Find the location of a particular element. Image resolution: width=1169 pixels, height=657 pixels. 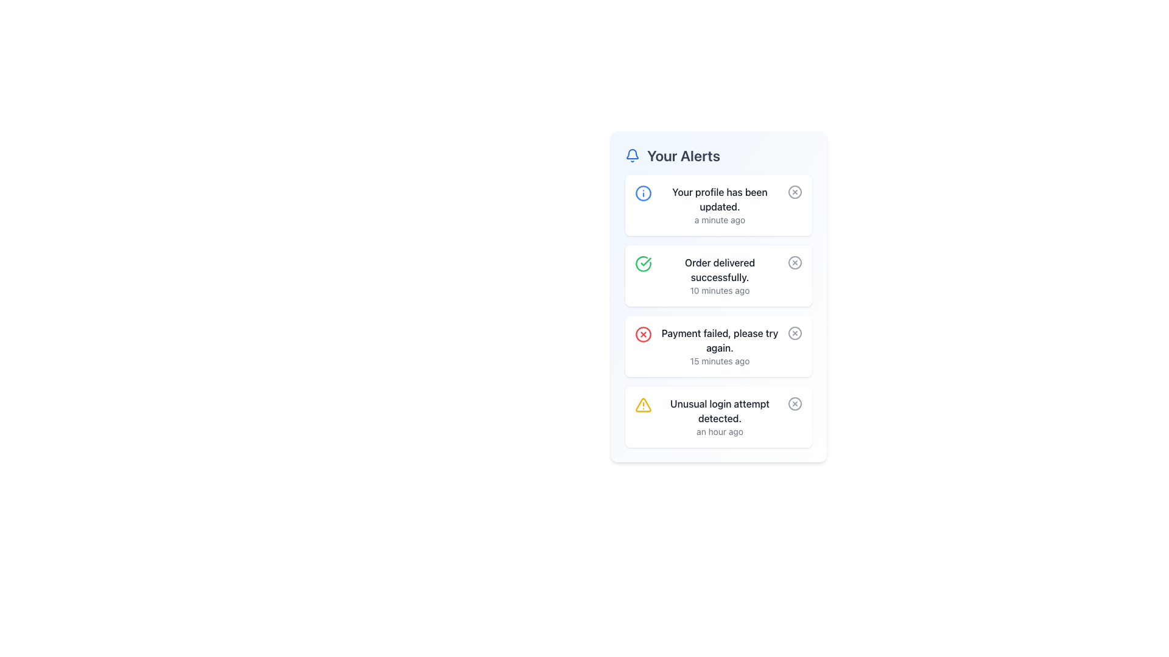

the text label displaying '10 minutes ago', which is styled in gray and located below the 'Order delivered successfully.' text in the second notification card is located at coordinates (720, 291).